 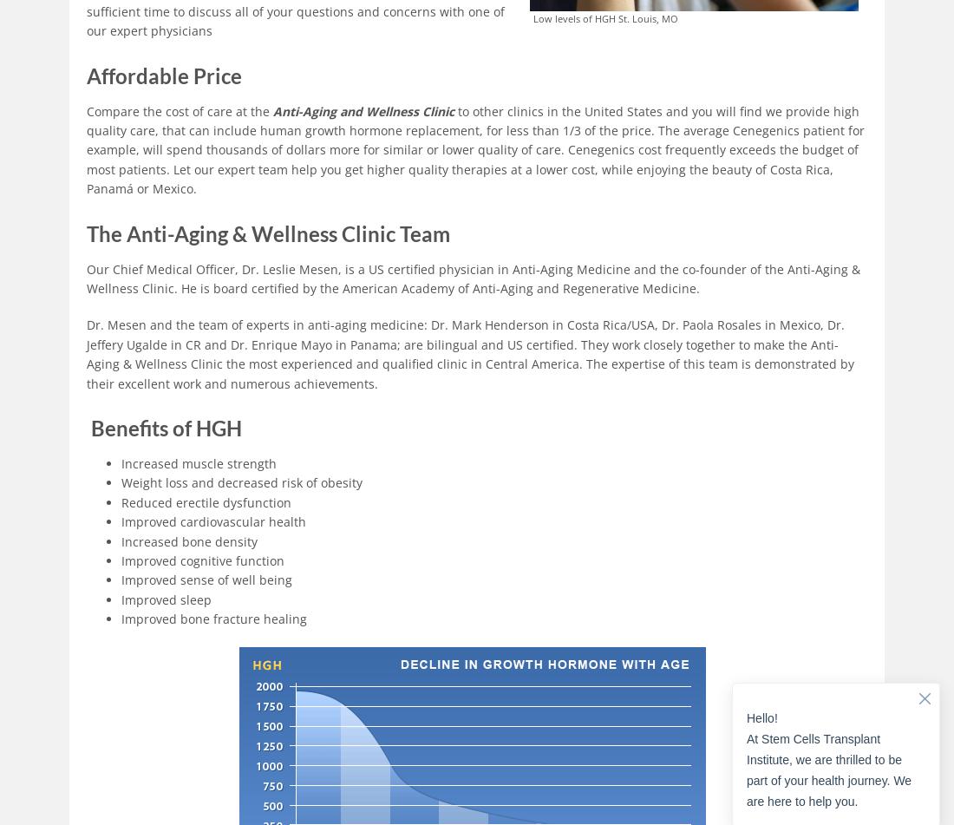 What do you see at coordinates (202, 559) in the screenshot?
I see `'Improved cognitive function'` at bounding box center [202, 559].